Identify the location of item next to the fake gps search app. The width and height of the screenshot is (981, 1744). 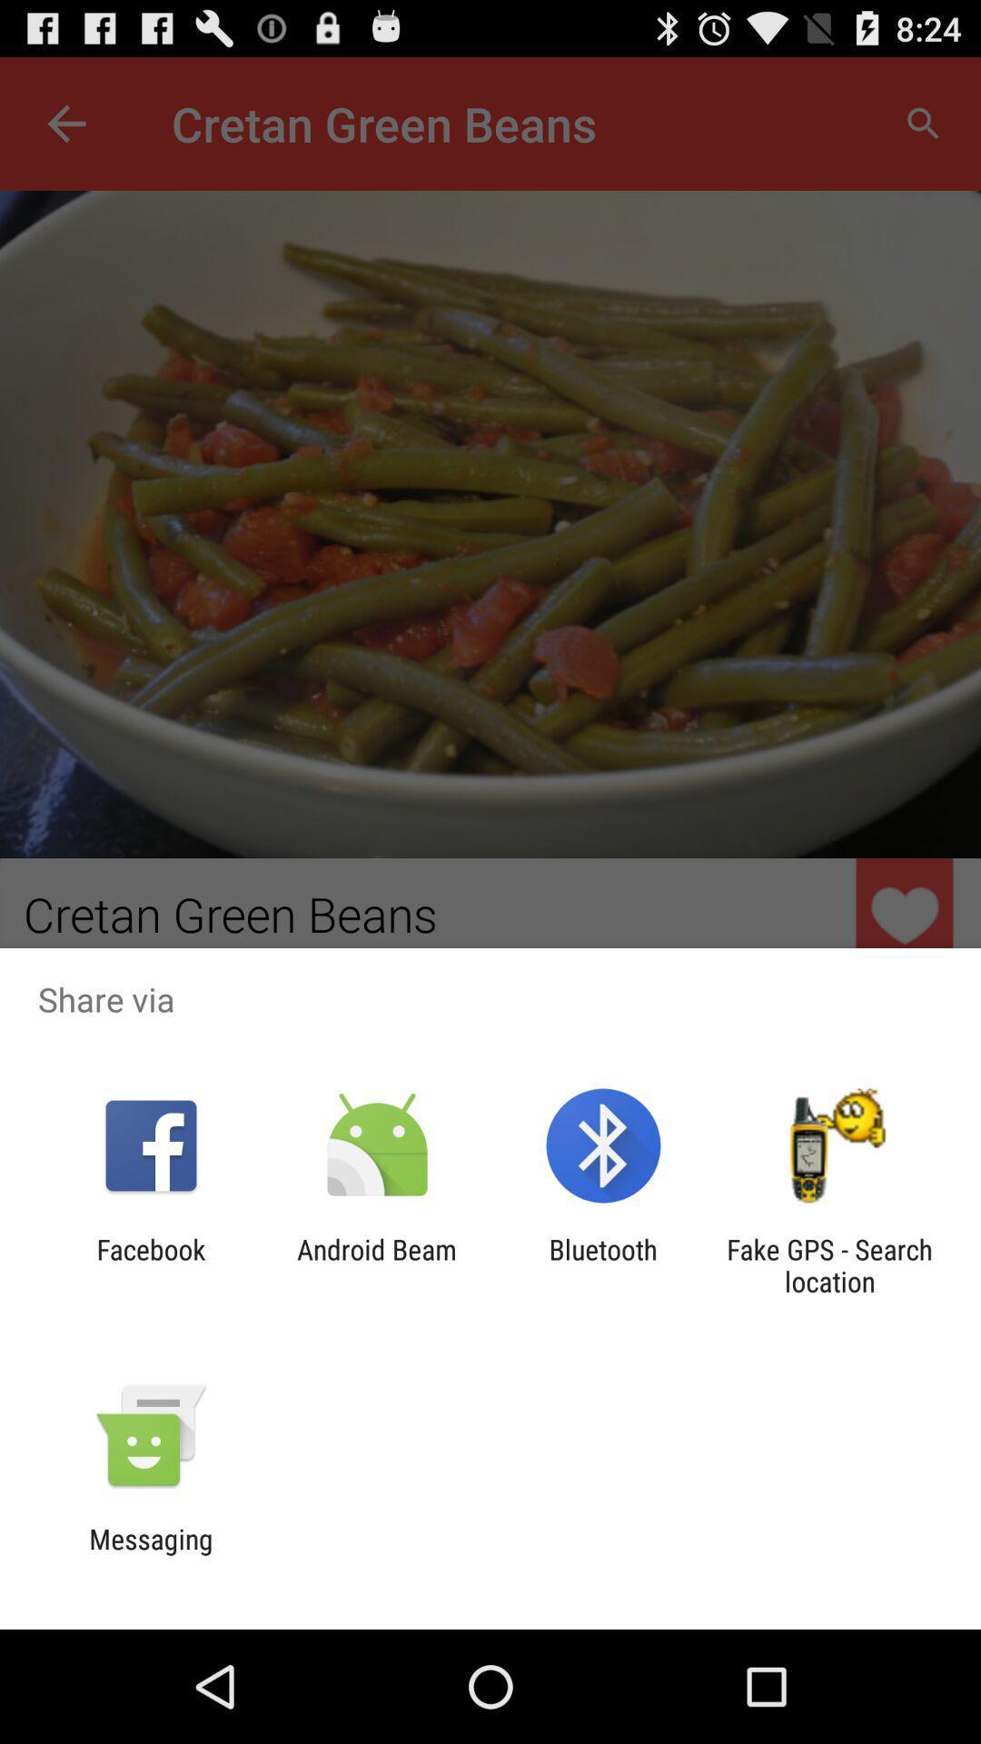
(603, 1264).